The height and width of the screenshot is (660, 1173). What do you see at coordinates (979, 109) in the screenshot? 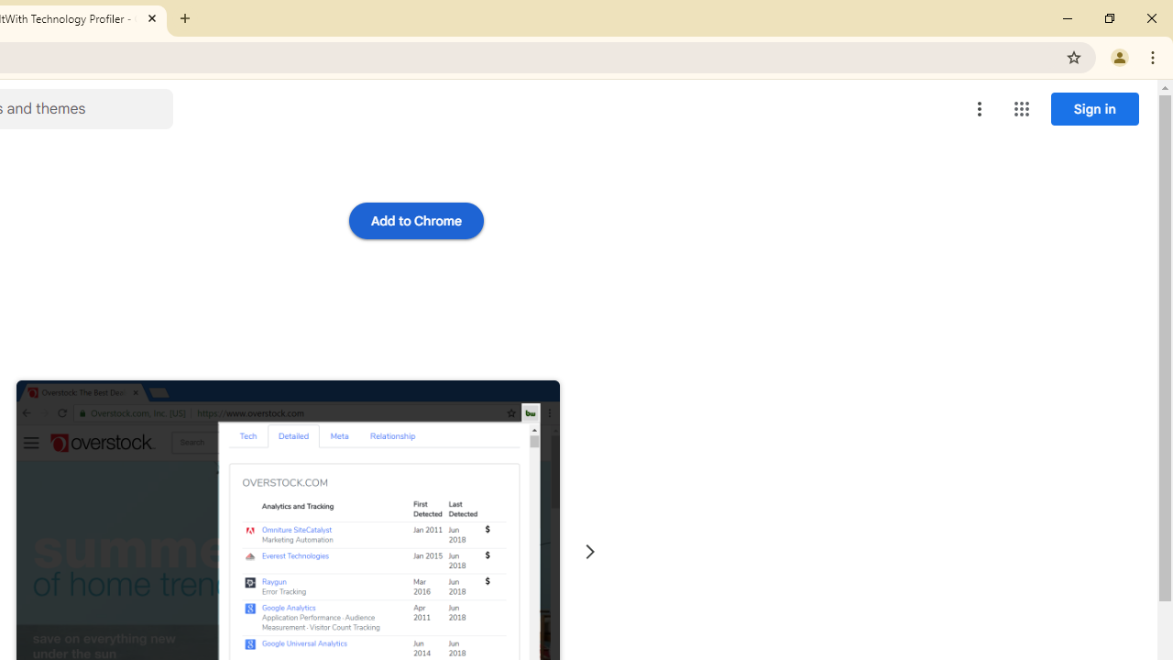
I see `'More options menu'` at bounding box center [979, 109].